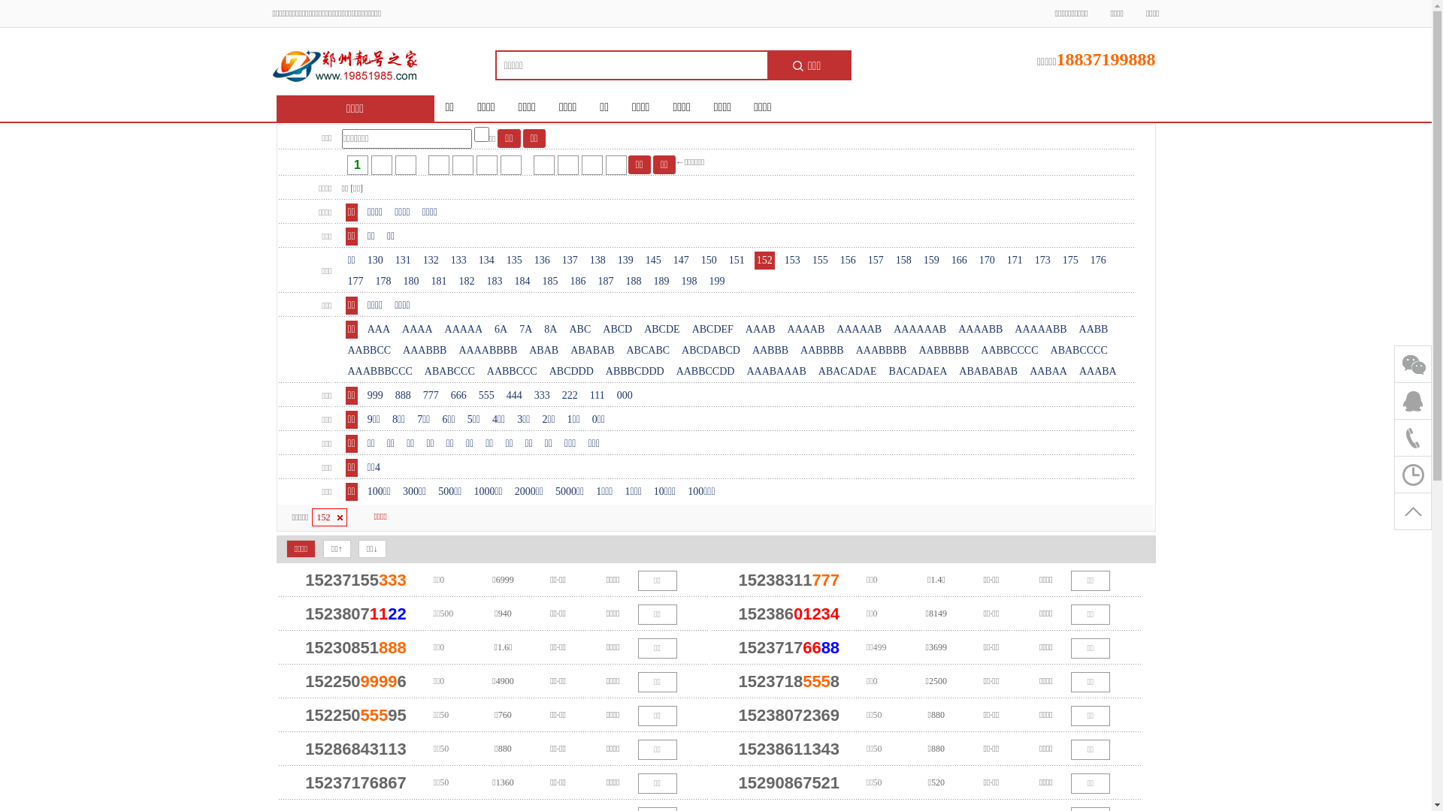  What do you see at coordinates (549, 281) in the screenshot?
I see `'185'` at bounding box center [549, 281].